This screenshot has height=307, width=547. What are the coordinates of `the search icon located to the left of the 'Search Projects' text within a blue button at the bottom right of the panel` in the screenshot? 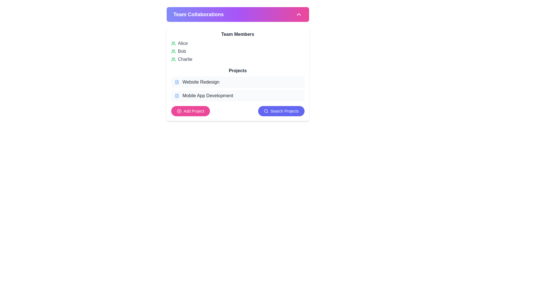 It's located at (266, 111).